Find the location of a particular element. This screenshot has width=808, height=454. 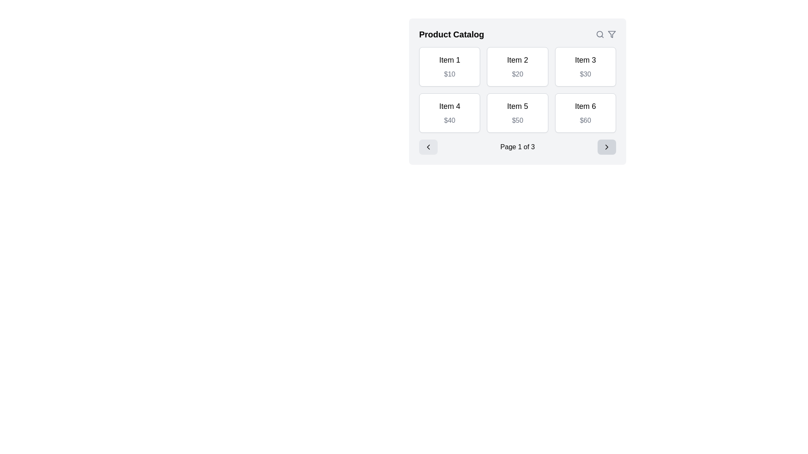

the 'previous page' button located at the bottom-left corner of the product catalog panel is located at coordinates (428, 147).